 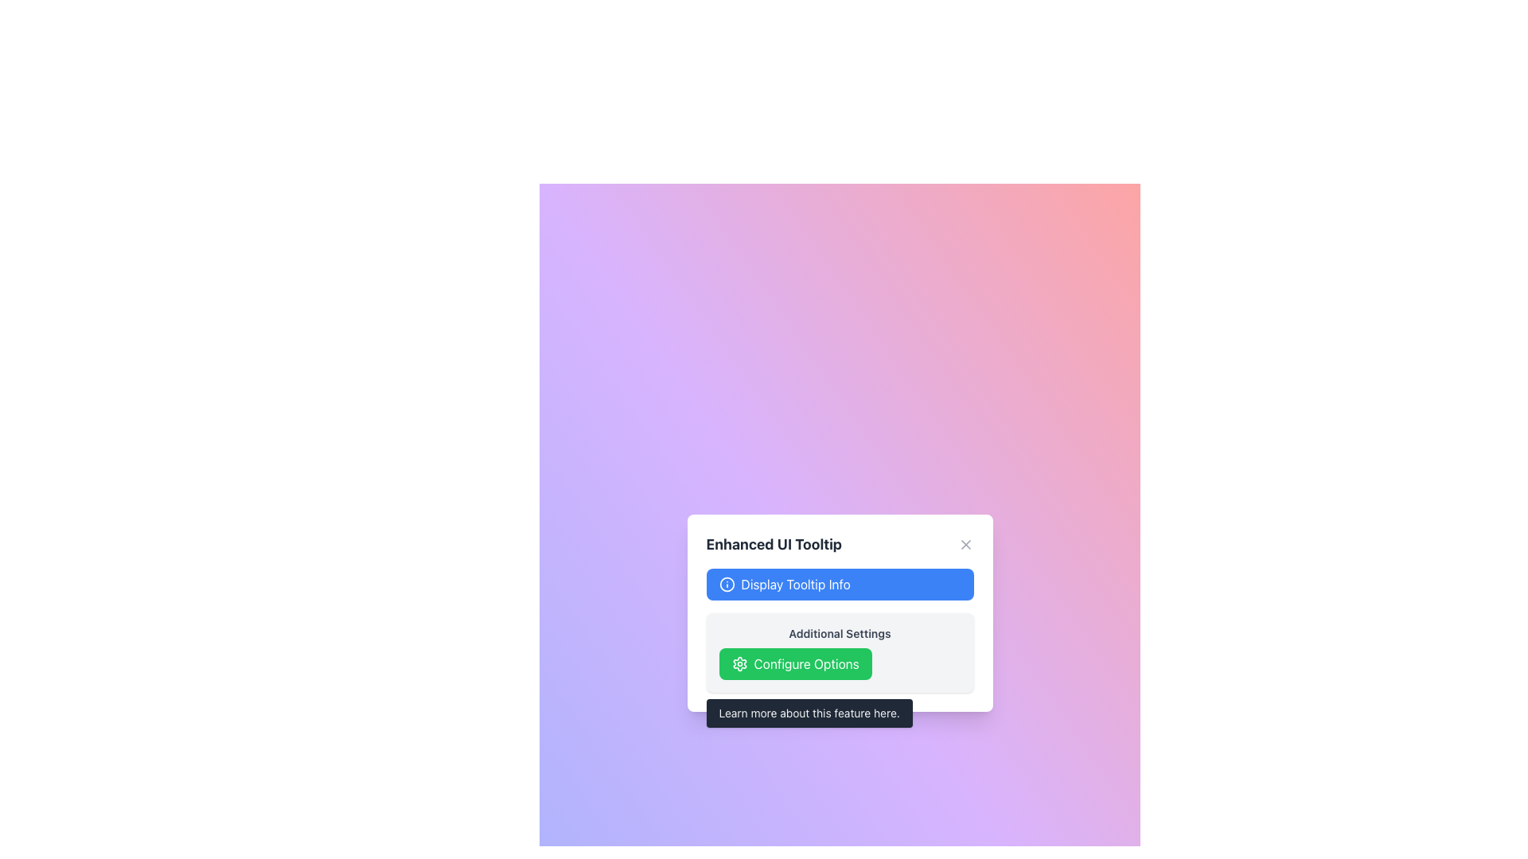 What do you see at coordinates (726, 585) in the screenshot?
I see `the Circle graphic in the SVG component that visually represents information for the 'Display Tooltip Info' label` at bounding box center [726, 585].